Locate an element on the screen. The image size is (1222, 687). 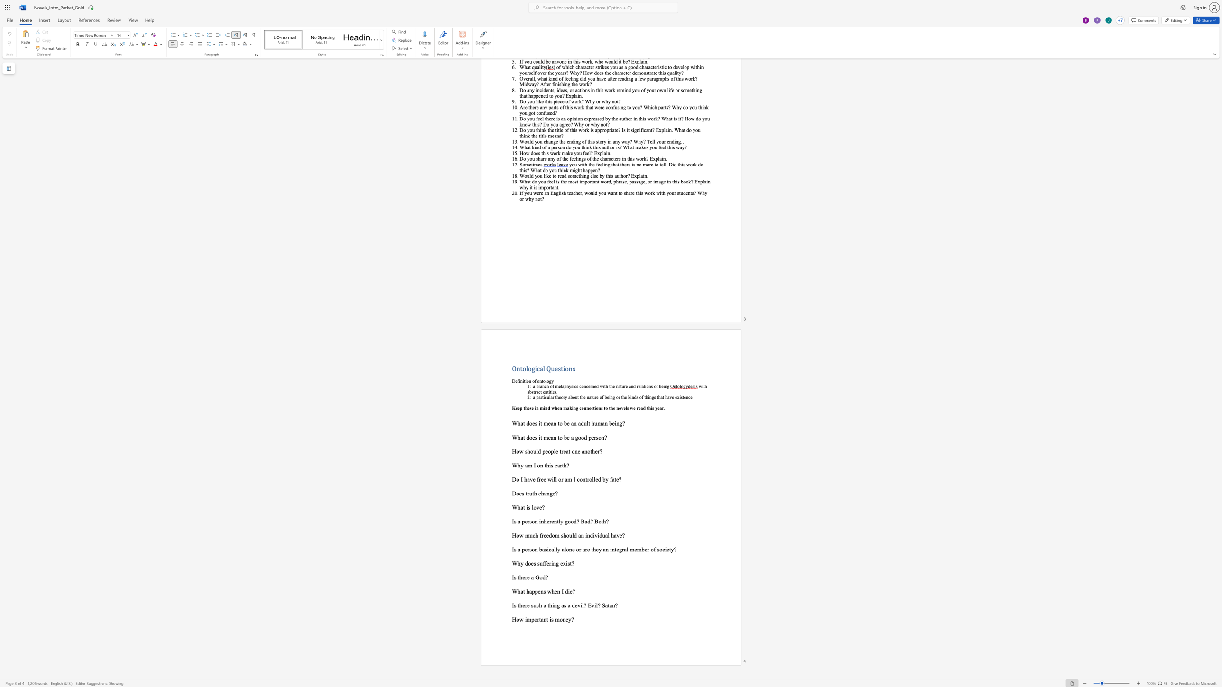
the space between the continuous character "r" and "u" in the text is located at coordinates (529, 493).